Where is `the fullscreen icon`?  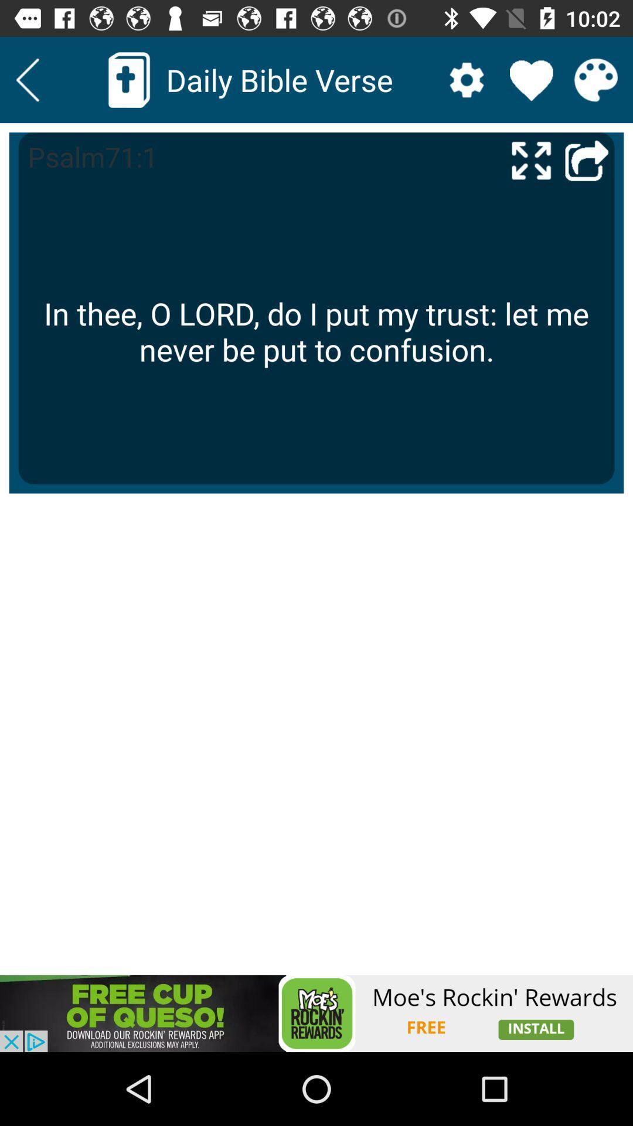 the fullscreen icon is located at coordinates (531, 160).